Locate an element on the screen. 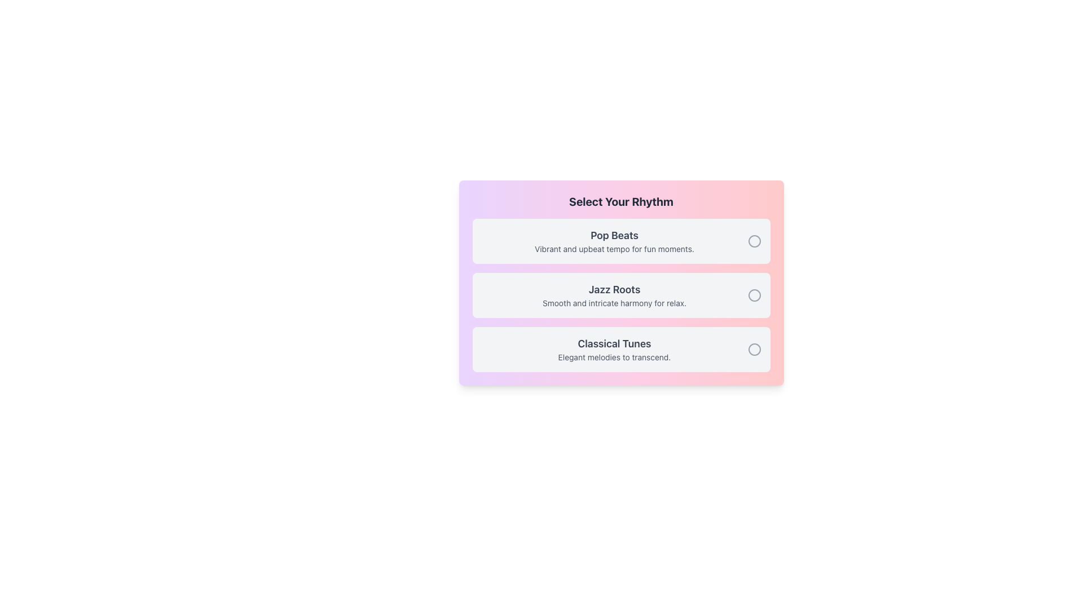 This screenshot has height=609, width=1083. the radio button next to the 'Pop Beats' label is located at coordinates (754, 241).